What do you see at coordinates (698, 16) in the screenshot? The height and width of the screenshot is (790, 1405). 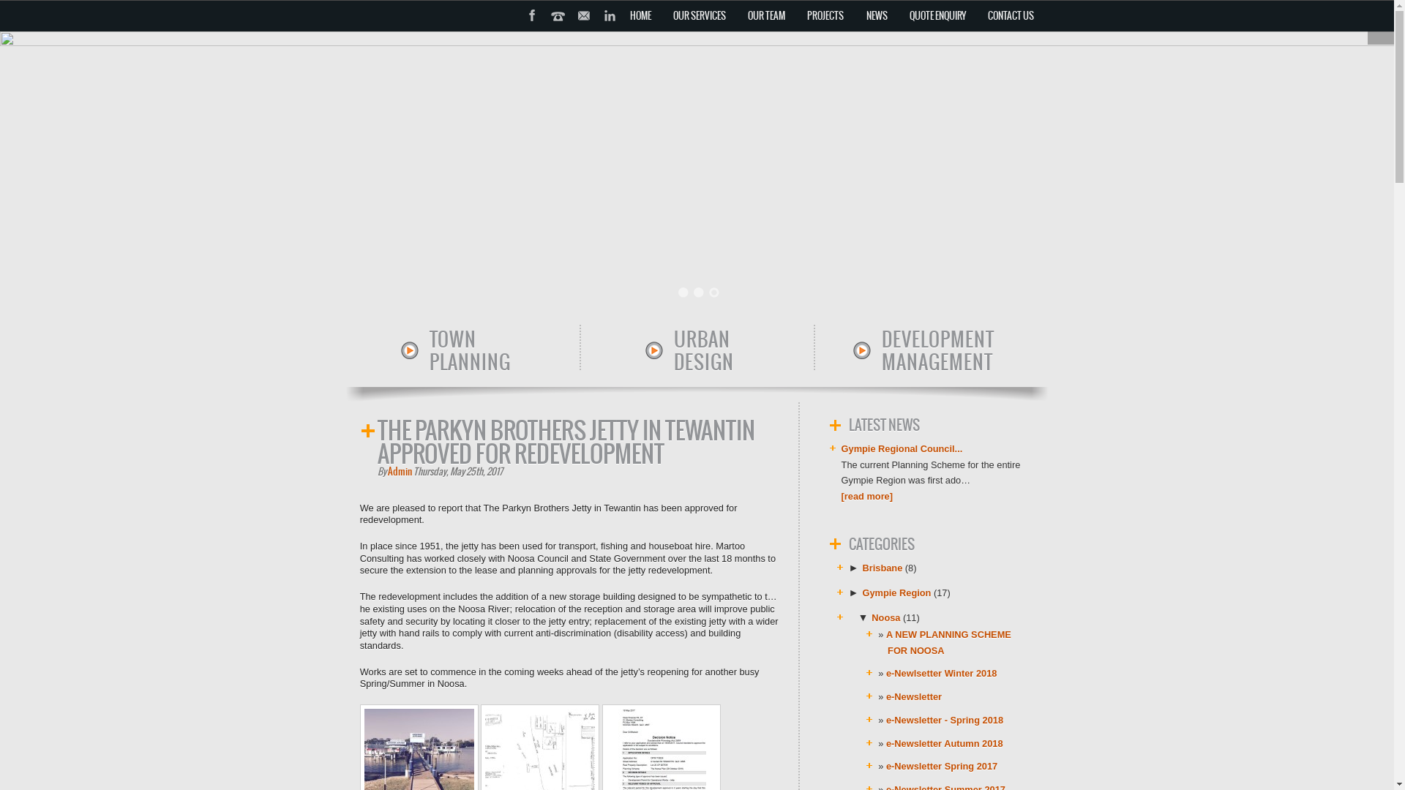 I see `'OUR SERVICES'` at bounding box center [698, 16].